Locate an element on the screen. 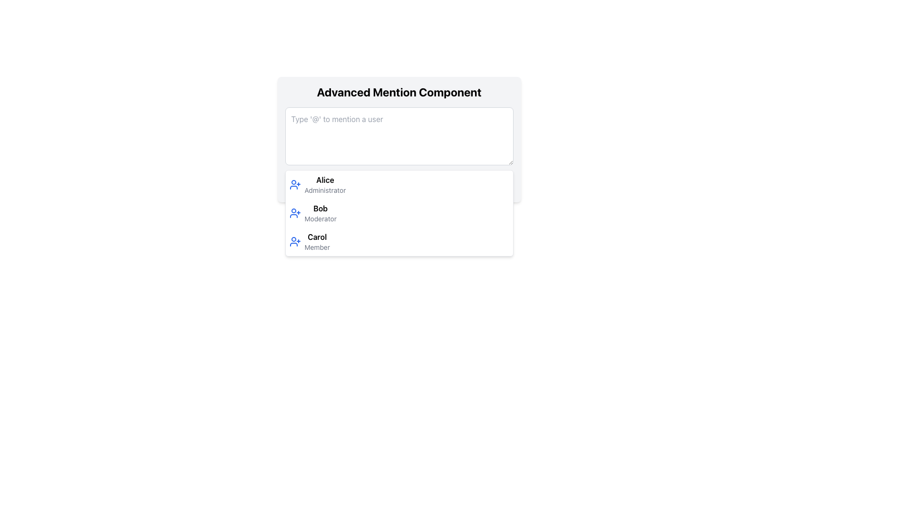 The image size is (913, 513). the second list item in the dropdown menu labeled 'Advanced Mention Component' is located at coordinates (399, 212).